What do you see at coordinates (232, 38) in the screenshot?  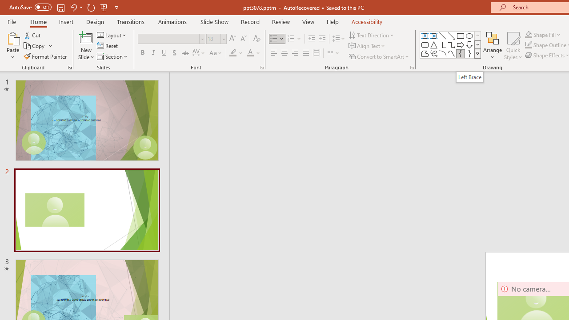 I see `'Increase Font Size'` at bounding box center [232, 38].